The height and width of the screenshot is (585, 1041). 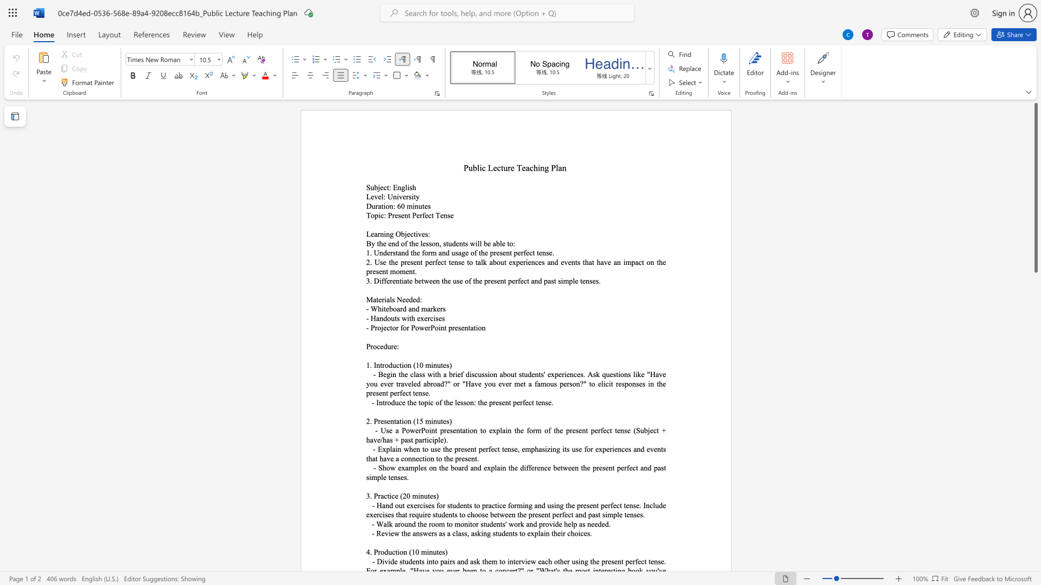 I want to click on the space between the continuous character "4" and "." in the text, so click(x=369, y=552).